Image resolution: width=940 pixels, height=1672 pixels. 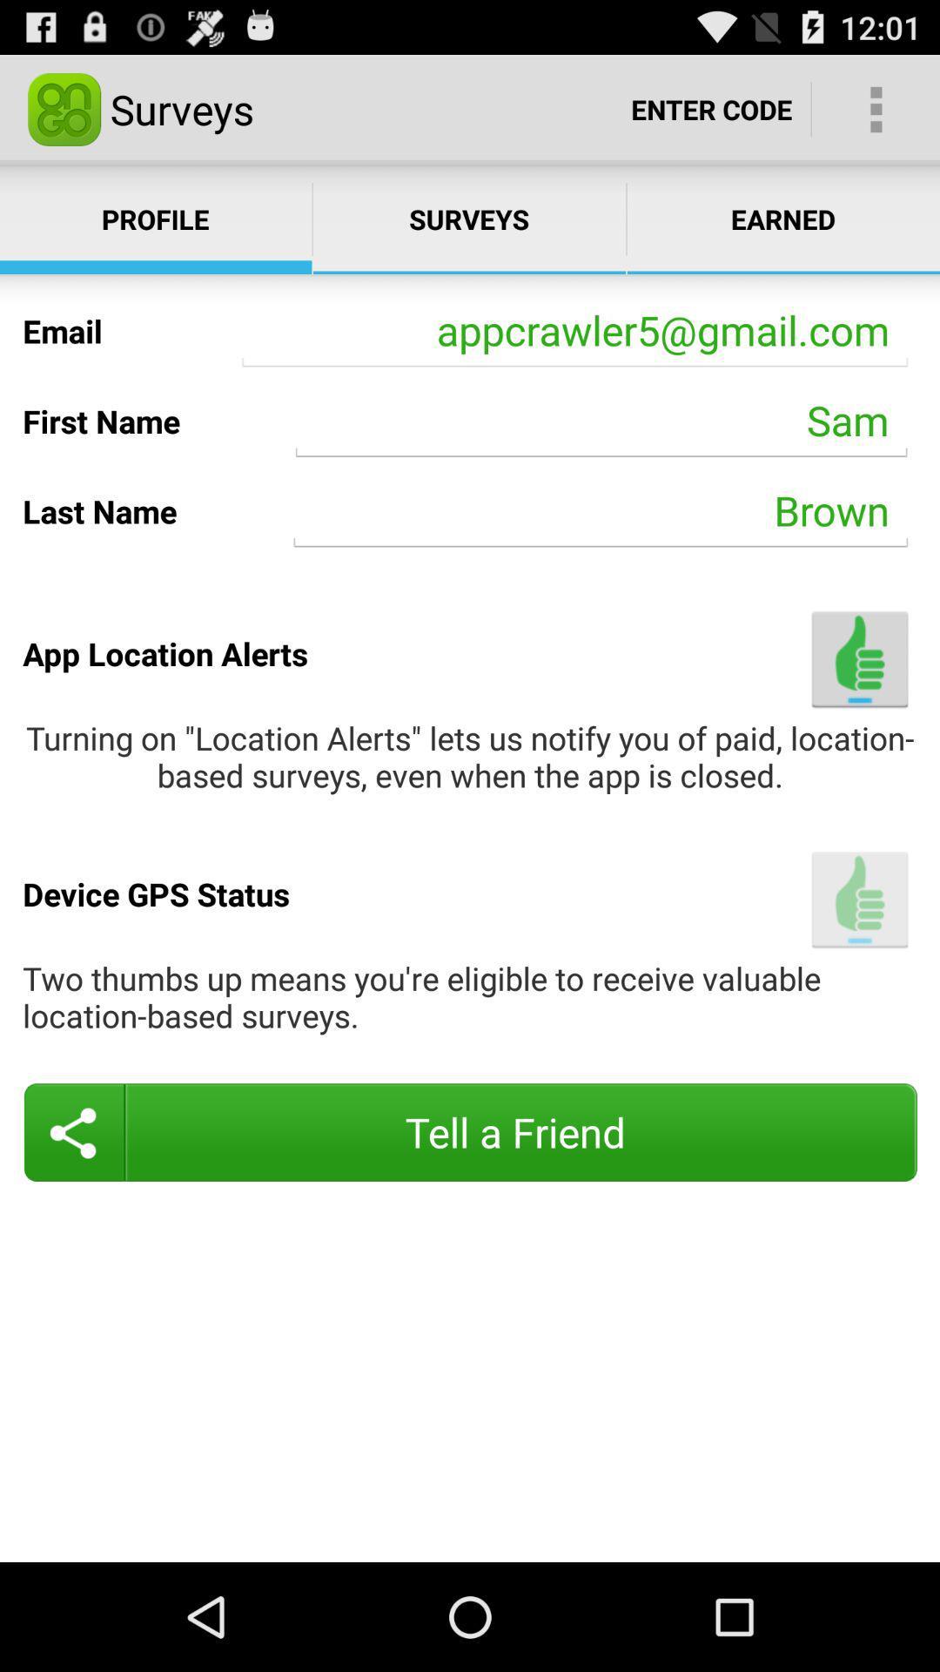 What do you see at coordinates (600, 510) in the screenshot?
I see `the brown item` at bounding box center [600, 510].